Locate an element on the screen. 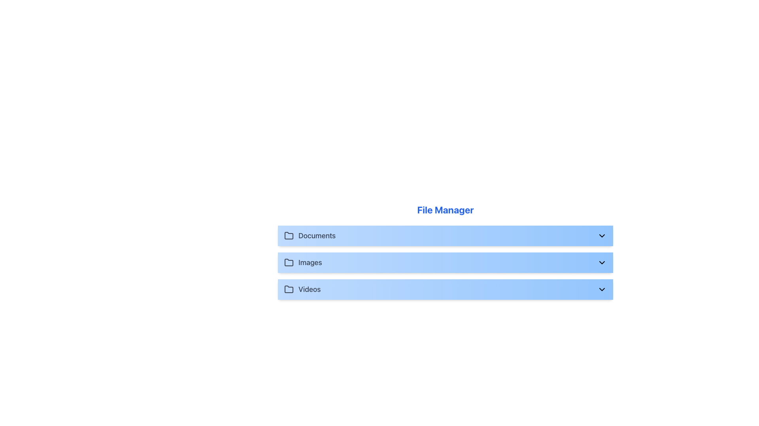  the 'Documents' folder icon in the file manager interface, which is the first icon in a vertical list of three, located to the left of the 'Documents' text label is located at coordinates (288, 235).